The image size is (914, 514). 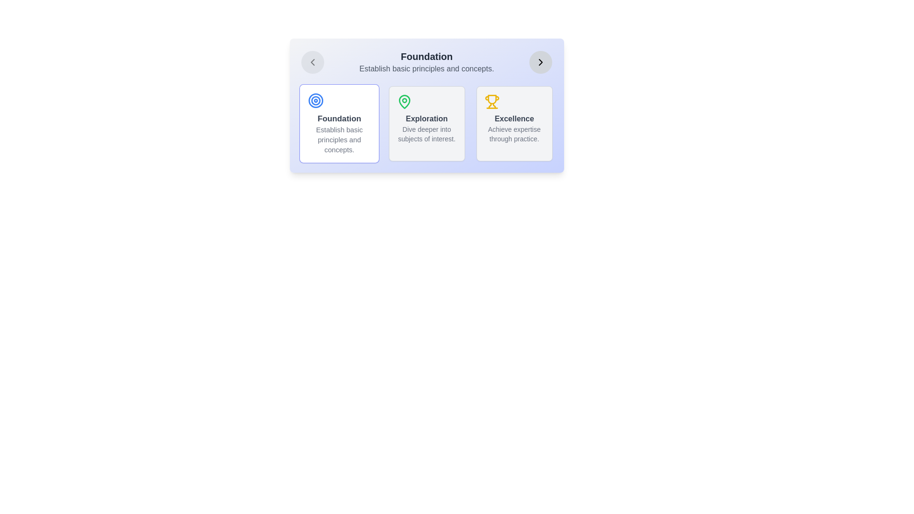 What do you see at coordinates (514, 134) in the screenshot?
I see `the descriptive text located at the bottom of the rightmost card labeled 'Excellence', which provides additional context about this category` at bounding box center [514, 134].